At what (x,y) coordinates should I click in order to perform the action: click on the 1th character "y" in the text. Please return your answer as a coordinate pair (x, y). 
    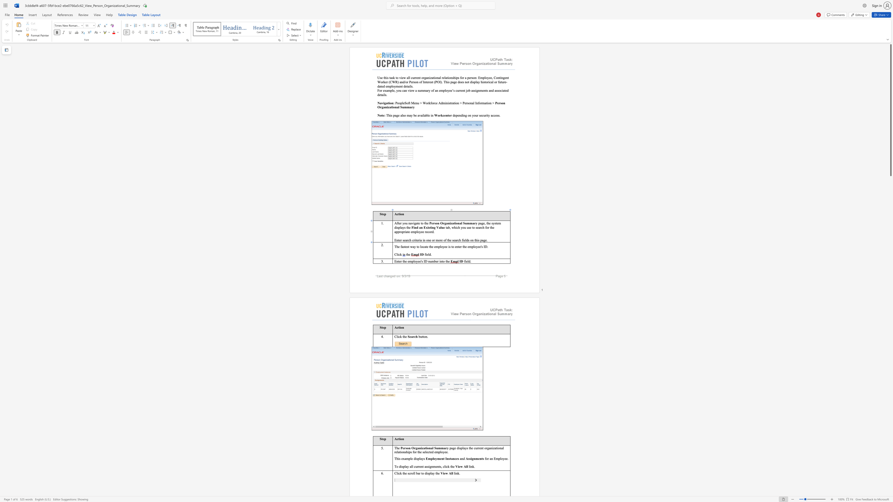
    Looking at the image, I should click on (436, 458).